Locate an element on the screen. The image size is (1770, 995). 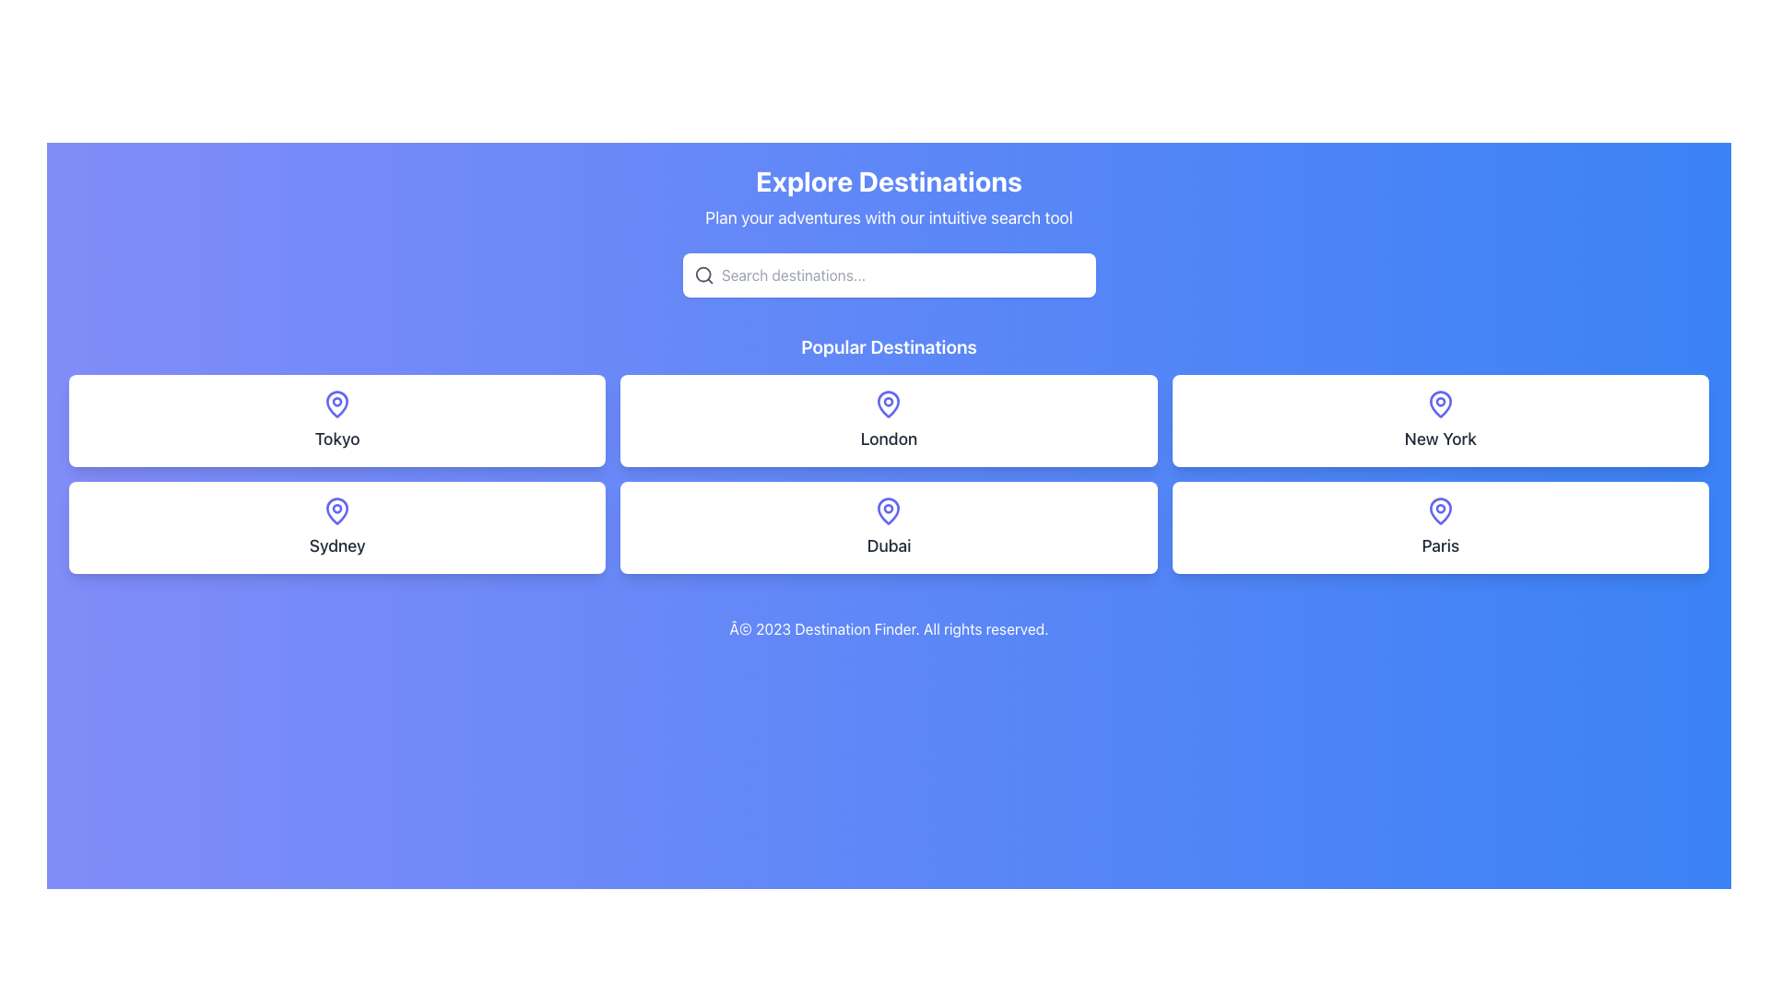
the text label that serves as a title for the section introducing popular destinations, positioned at the top-center of the grouped section below the search bar is located at coordinates (889, 347).